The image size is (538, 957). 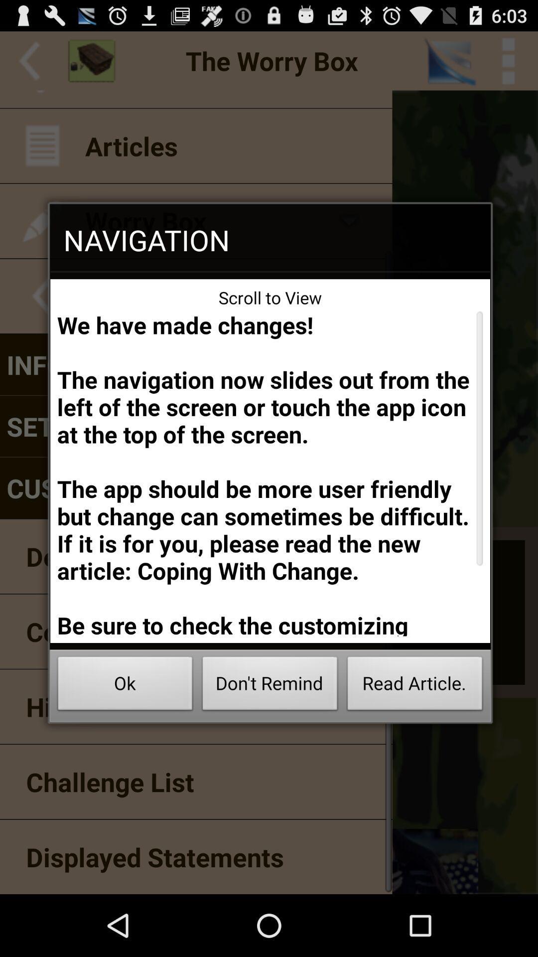 I want to click on the don't remind, so click(x=270, y=686).